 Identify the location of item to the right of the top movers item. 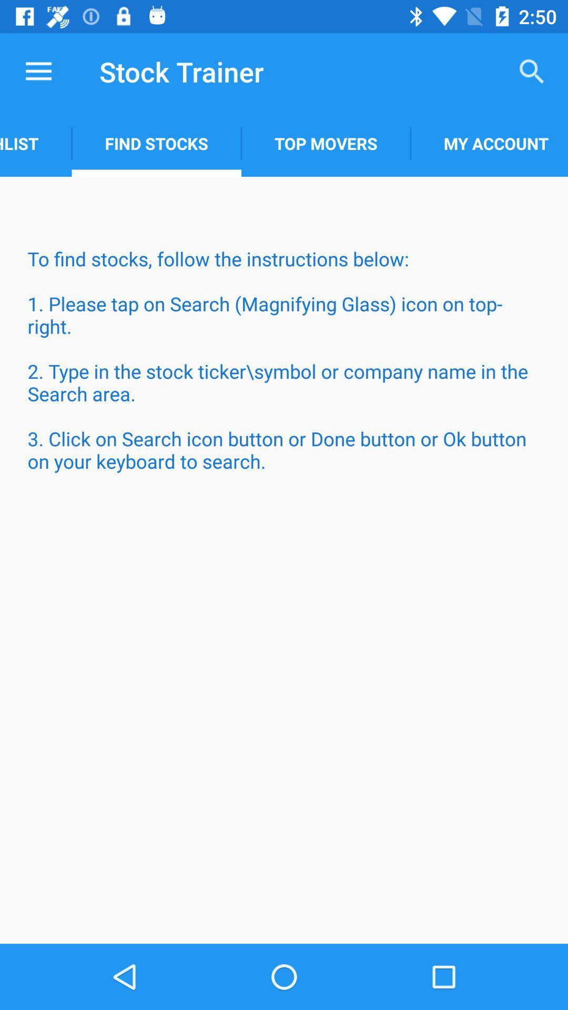
(489, 143).